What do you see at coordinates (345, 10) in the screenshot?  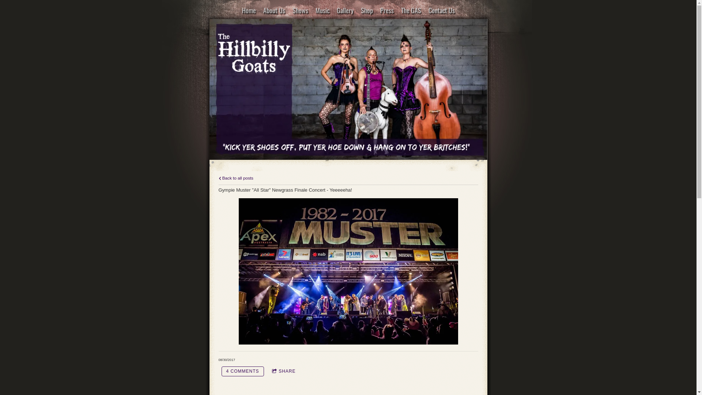 I see `'Gallery'` at bounding box center [345, 10].